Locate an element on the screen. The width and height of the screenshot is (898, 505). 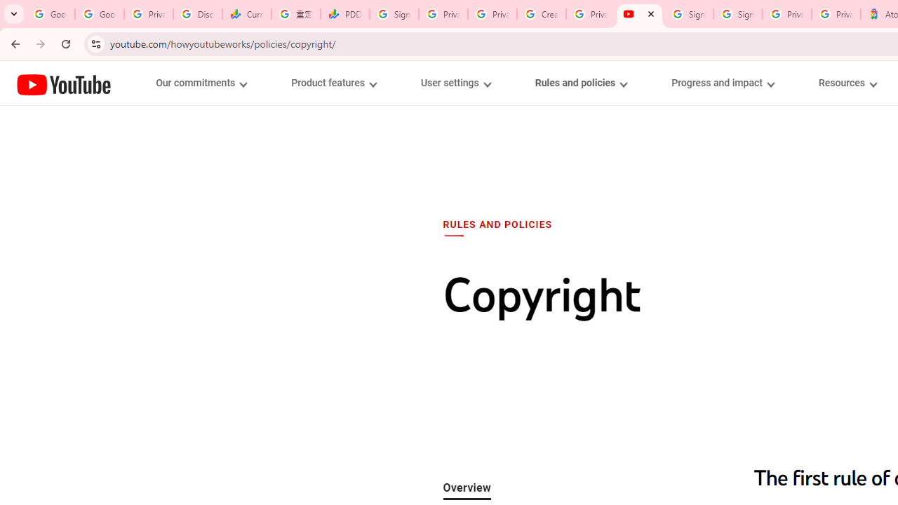
'YouTube Copyright Rules & Policies - How YouTube Works' is located at coordinates (639, 14).